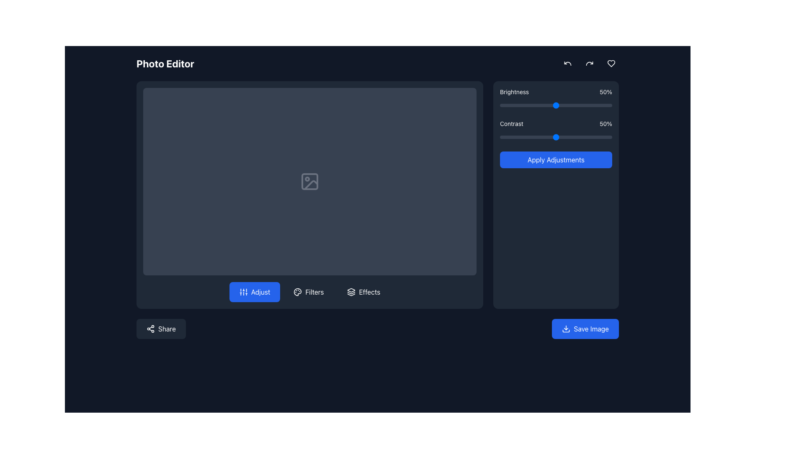 This screenshot has height=452, width=804. I want to click on the icon that resembles stacked layers, which is located to the left of the text 'Effects' in the bottom-center section of the interface, so click(351, 291).